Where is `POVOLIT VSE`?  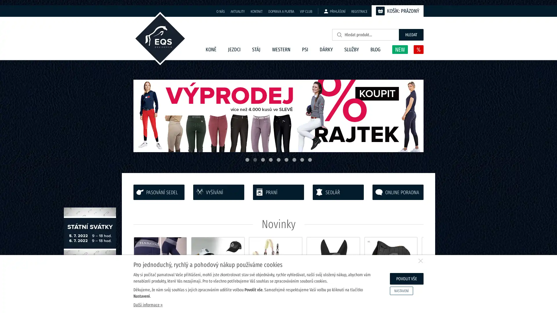
POVOLIT VSE is located at coordinates (406, 278).